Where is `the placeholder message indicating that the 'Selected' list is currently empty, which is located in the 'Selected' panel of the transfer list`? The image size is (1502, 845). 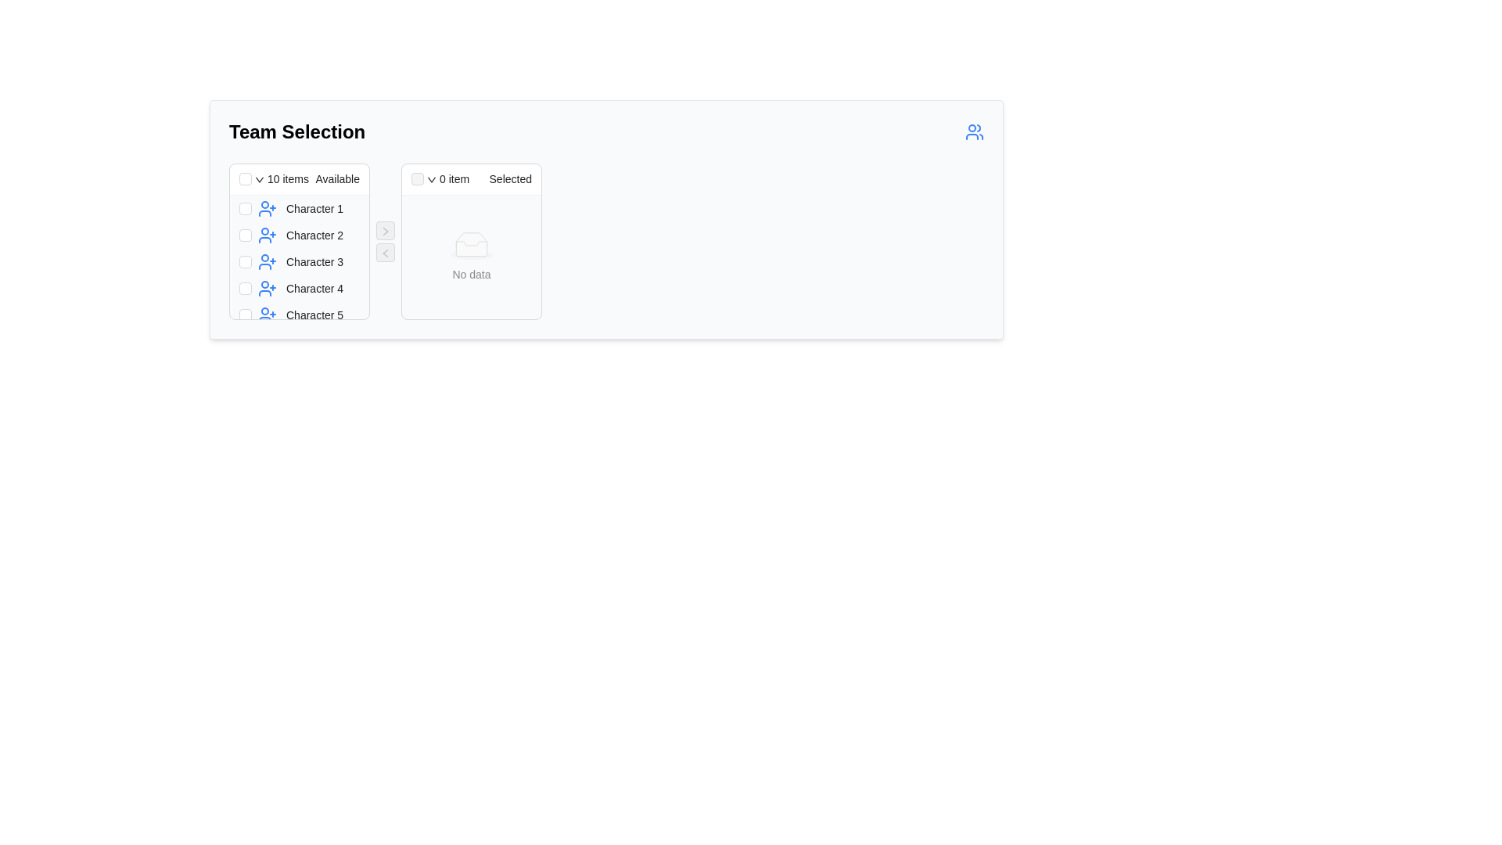
the placeholder message indicating that the 'Selected' list is currently empty, which is located in the 'Selected' panel of the transfer list is located at coordinates (471, 256).